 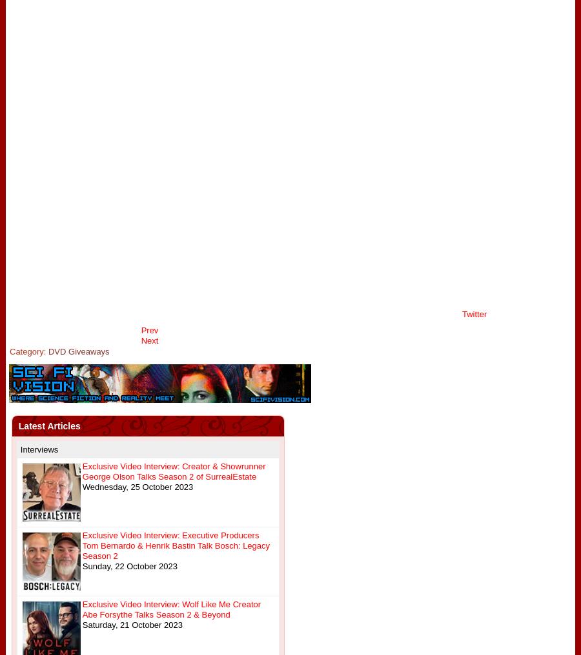 I want to click on 'Prev', so click(x=148, y=329).